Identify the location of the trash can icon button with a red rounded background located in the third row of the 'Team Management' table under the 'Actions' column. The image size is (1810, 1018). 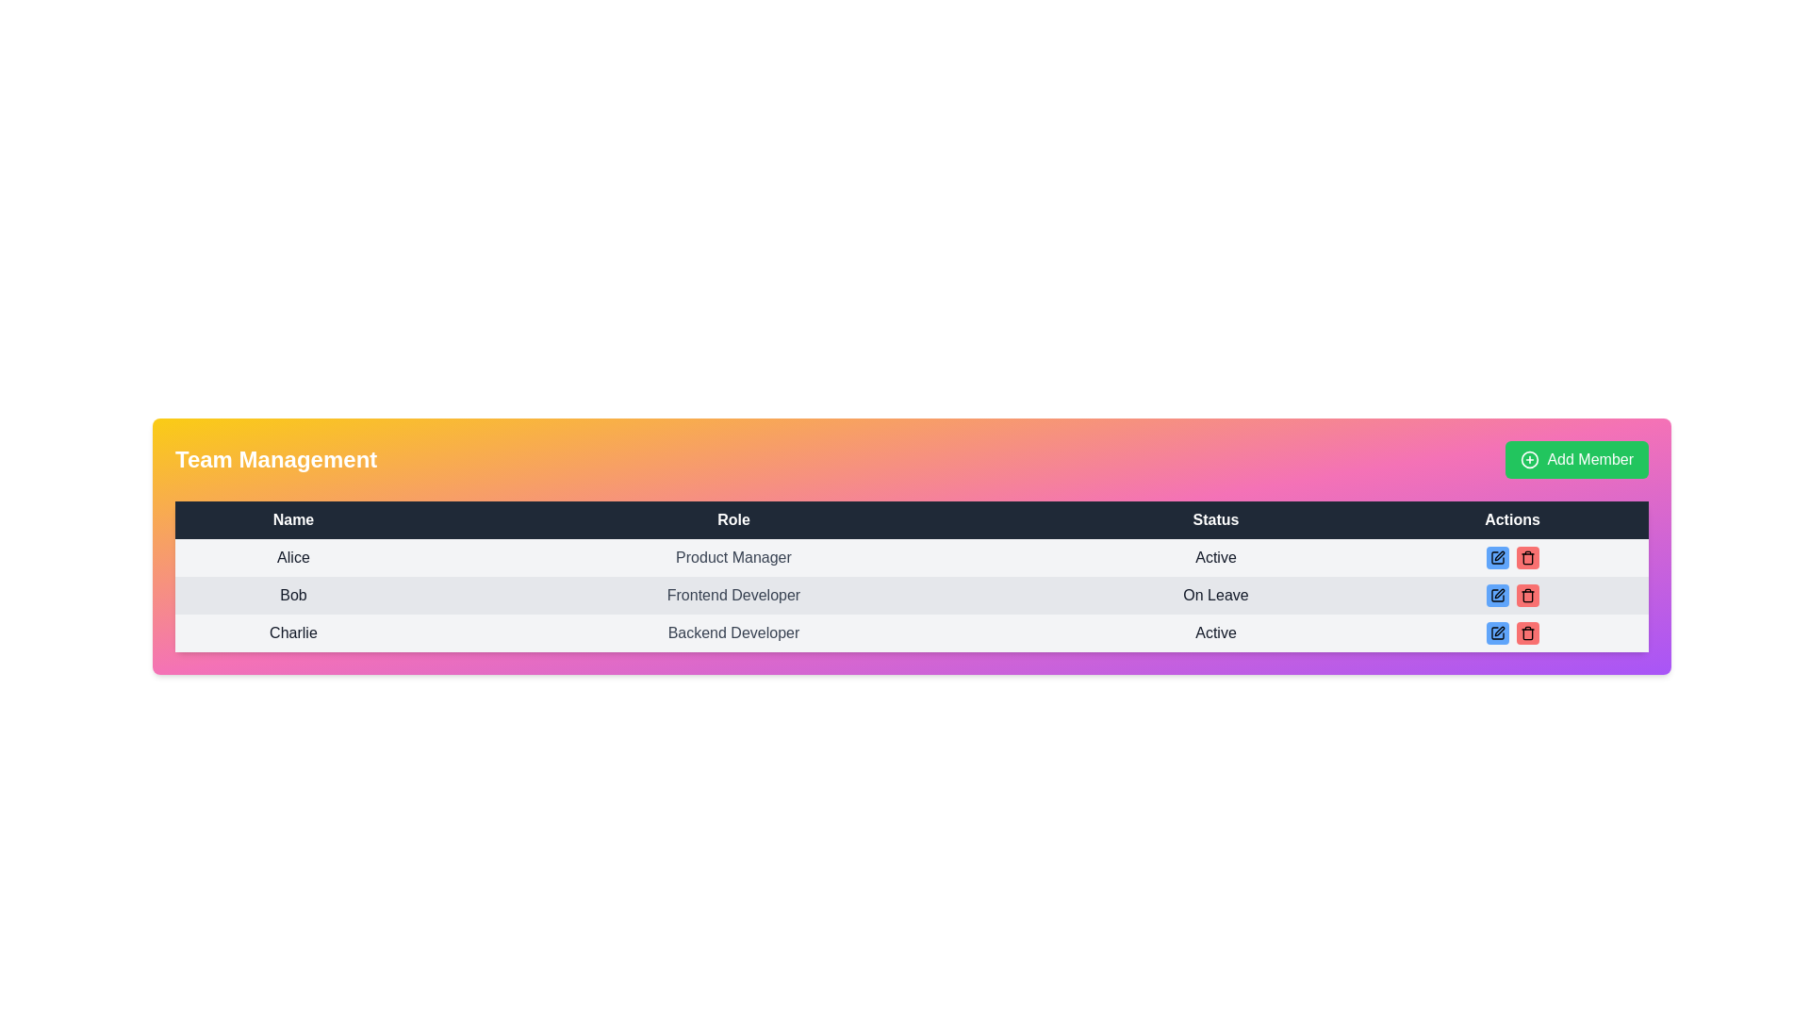
(1527, 596).